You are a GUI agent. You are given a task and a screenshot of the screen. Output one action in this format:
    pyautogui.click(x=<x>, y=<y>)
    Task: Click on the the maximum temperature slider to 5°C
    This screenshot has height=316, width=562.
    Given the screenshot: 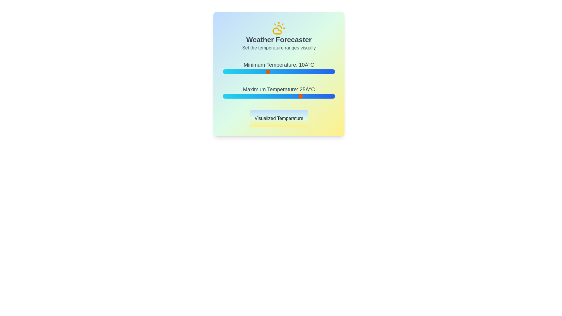 What is the action you would take?
    pyautogui.click(x=256, y=96)
    